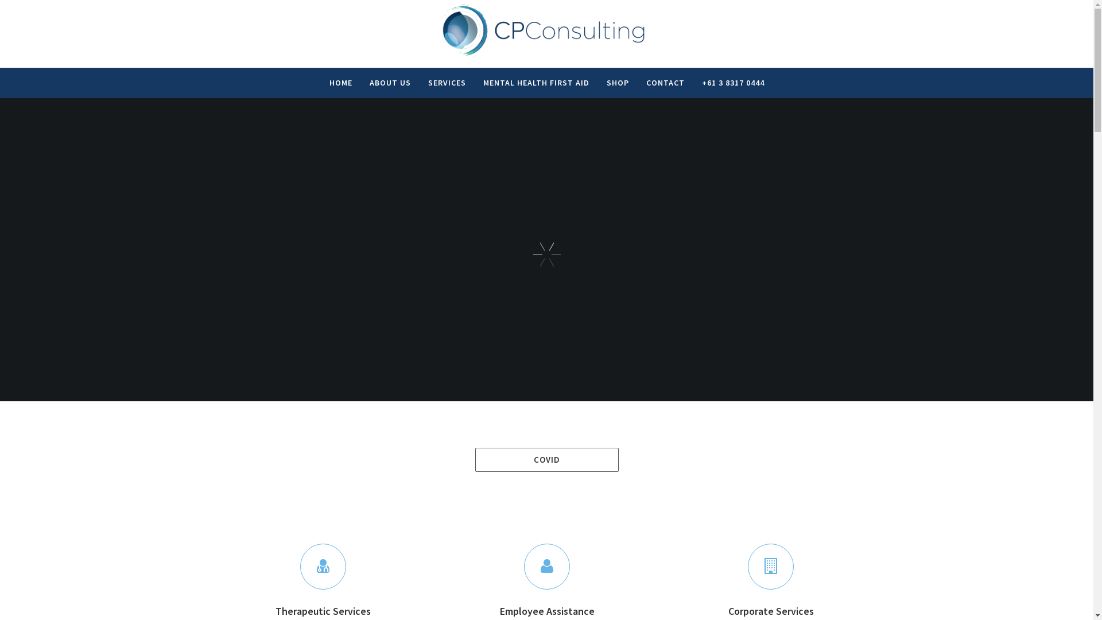 Image resolution: width=1102 pixels, height=620 pixels. Describe the element at coordinates (418, 83) in the screenshot. I see `'SERVICES'` at that location.